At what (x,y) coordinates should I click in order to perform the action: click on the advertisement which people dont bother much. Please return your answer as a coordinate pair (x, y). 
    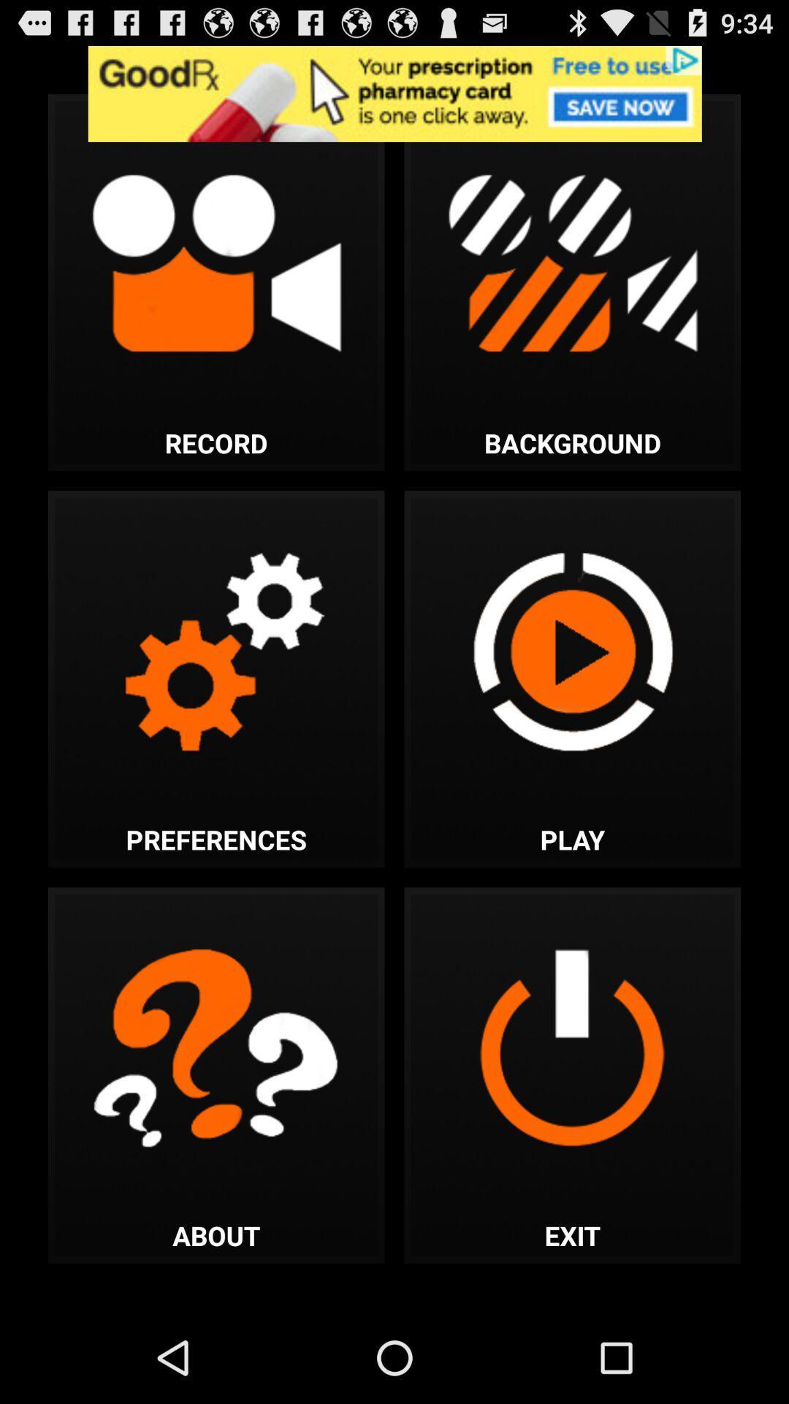
    Looking at the image, I should click on (394, 93).